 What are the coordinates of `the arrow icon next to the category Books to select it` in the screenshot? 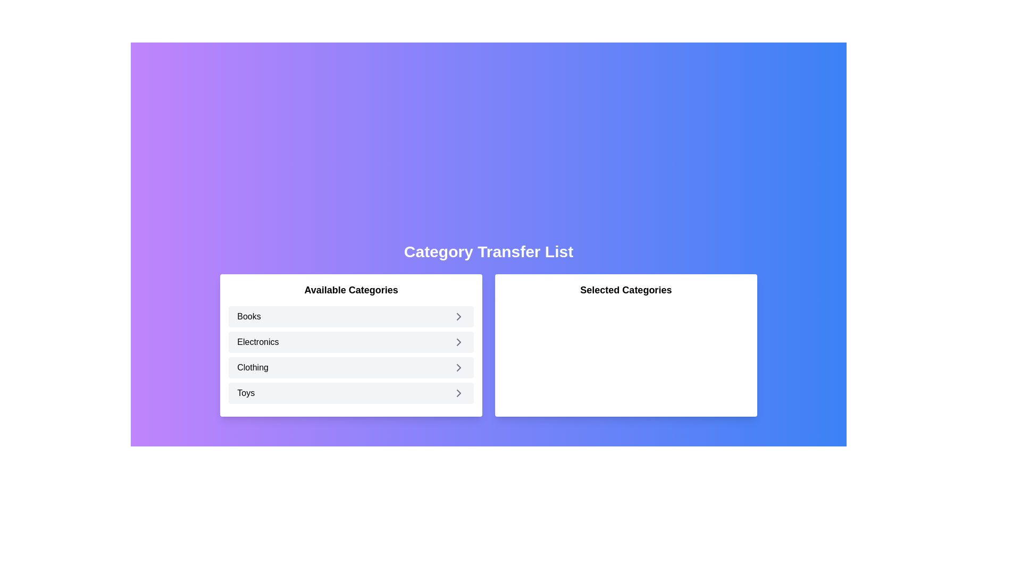 It's located at (459, 316).